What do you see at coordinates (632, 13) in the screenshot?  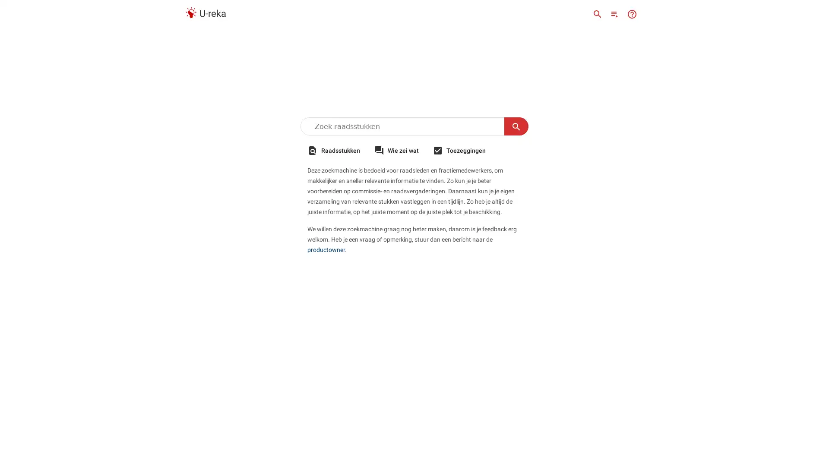 I see `Over deze applicatie` at bounding box center [632, 13].